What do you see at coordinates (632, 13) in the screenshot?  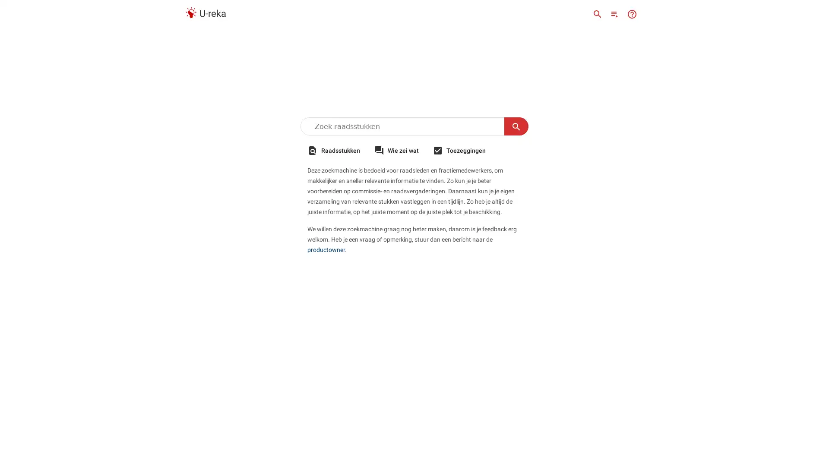 I see `Over deze applicatie` at bounding box center [632, 13].